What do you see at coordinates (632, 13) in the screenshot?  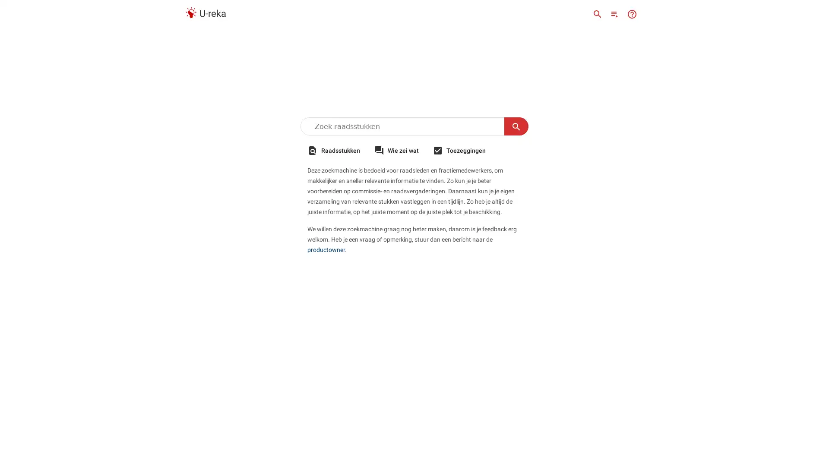 I see `Over deze applicatie` at bounding box center [632, 13].